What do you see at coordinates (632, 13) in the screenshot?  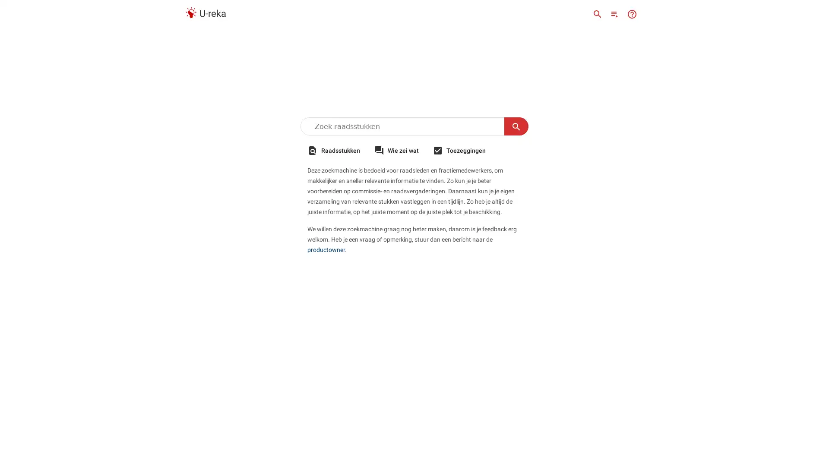 I see `Over deze applicatie` at bounding box center [632, 13].